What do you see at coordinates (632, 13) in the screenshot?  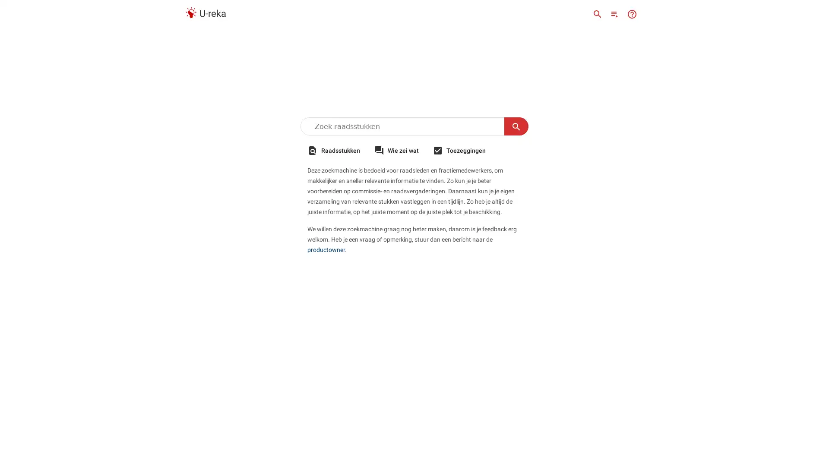 I see `Over deze applicatie` at bounding box center [632, 13].